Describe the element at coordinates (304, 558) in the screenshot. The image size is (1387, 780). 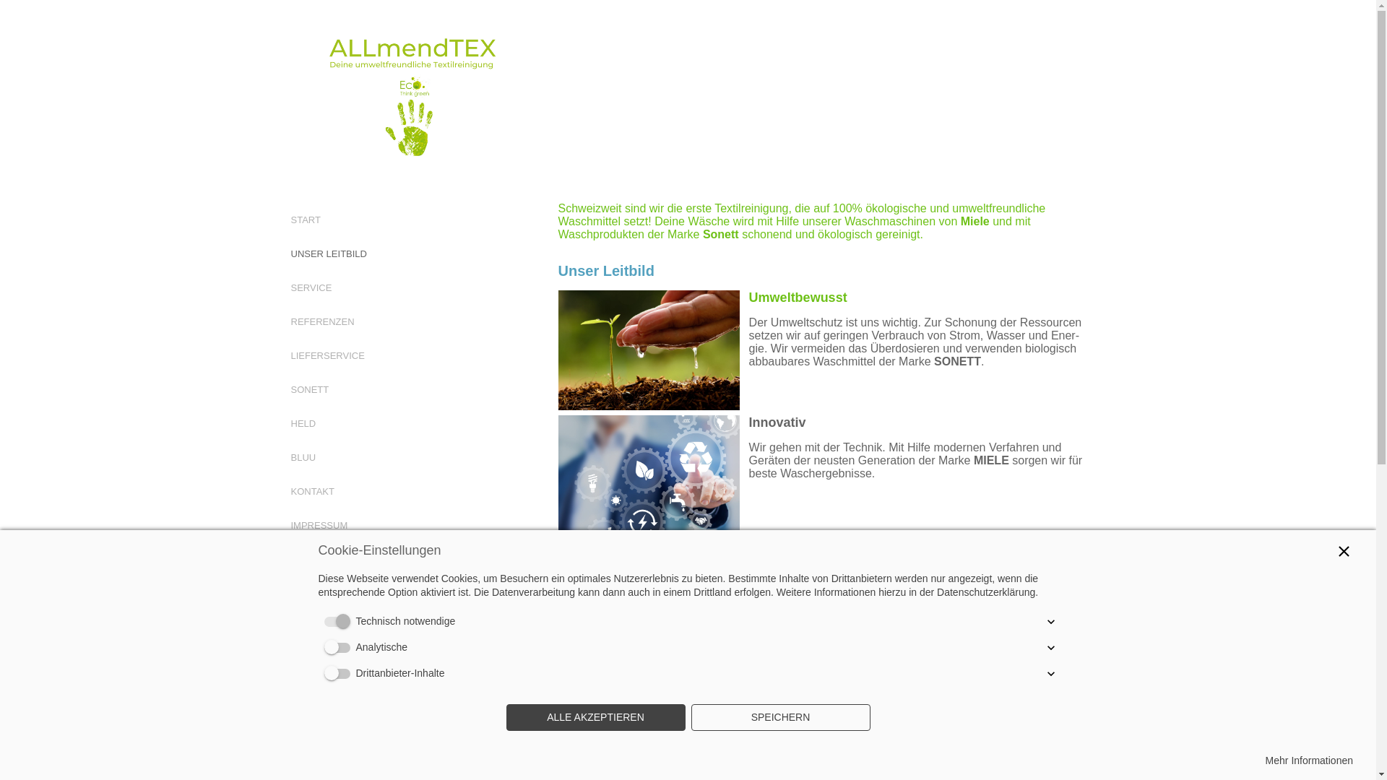
I see `'AGB`S'` at that location.